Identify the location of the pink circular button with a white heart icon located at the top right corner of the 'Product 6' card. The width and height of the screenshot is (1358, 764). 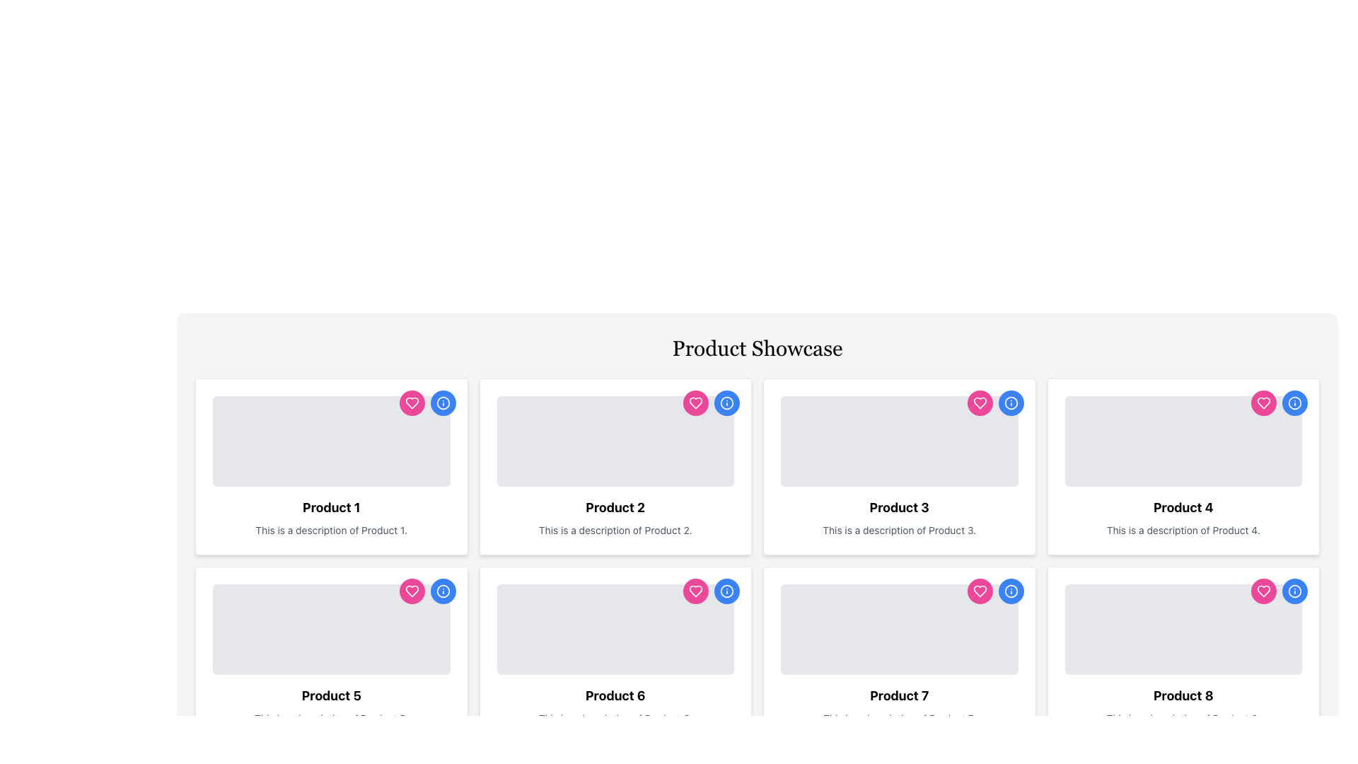
(695, 591).